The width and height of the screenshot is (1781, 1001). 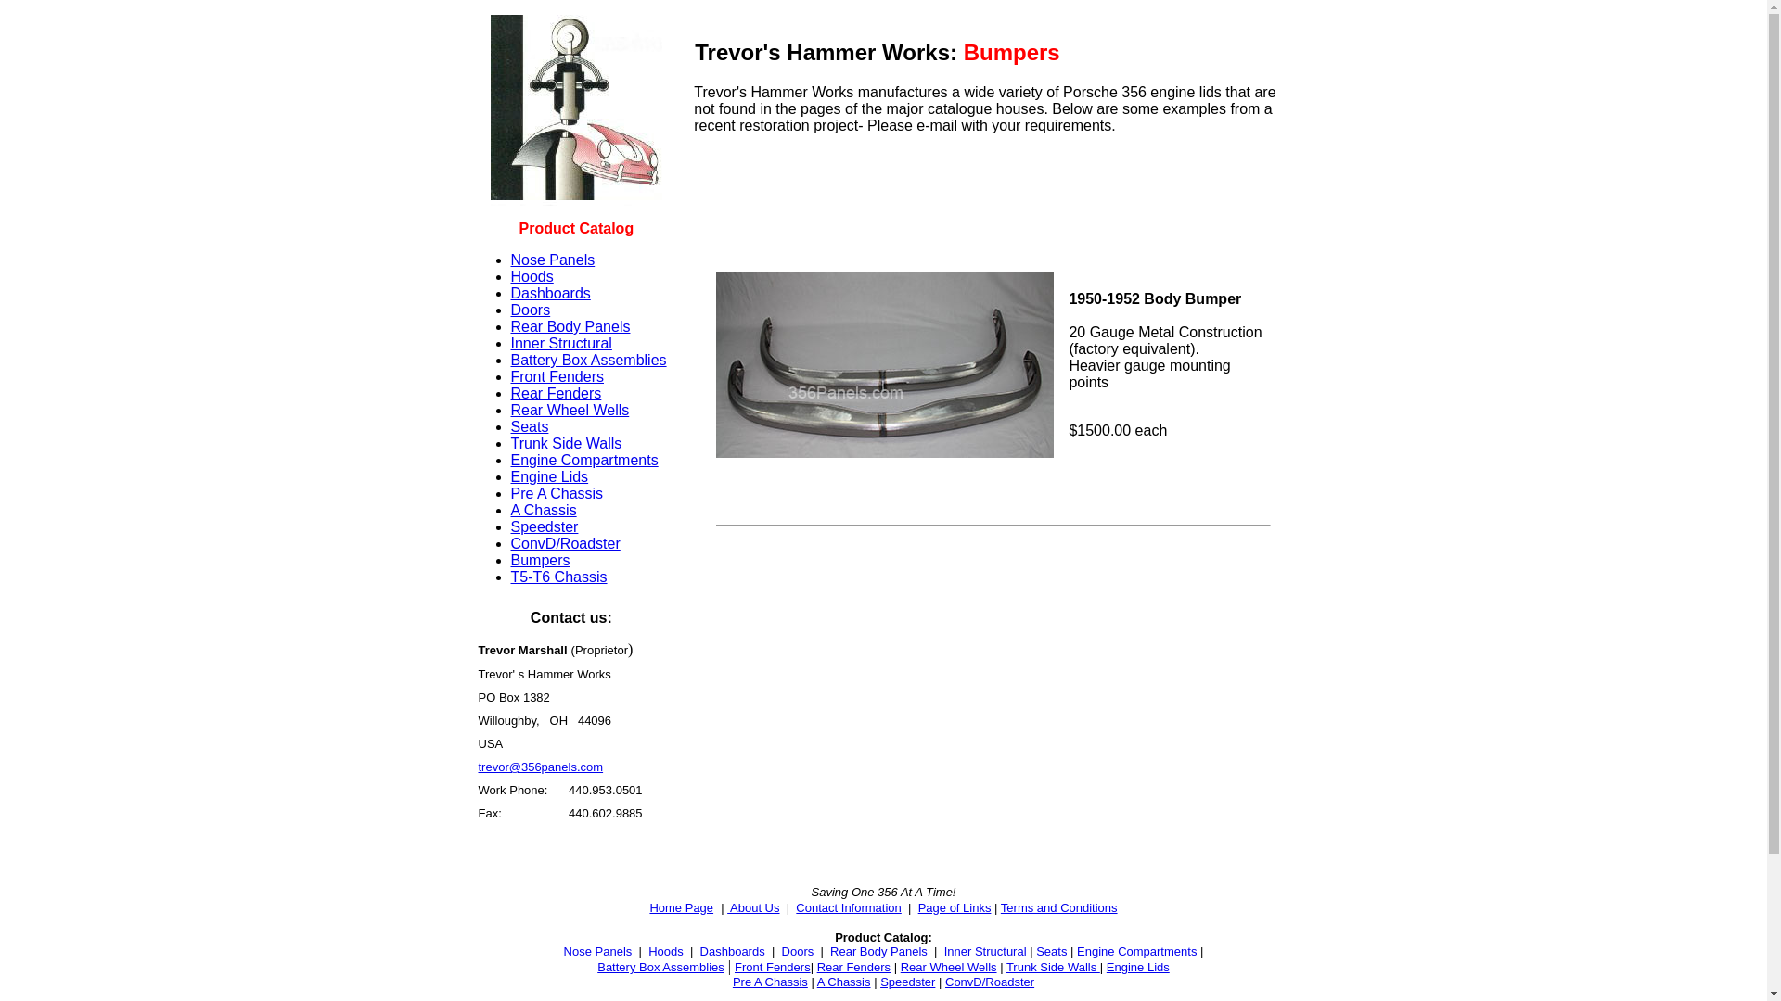 I want to click on 'Seats', so click(x=1035, y=951).